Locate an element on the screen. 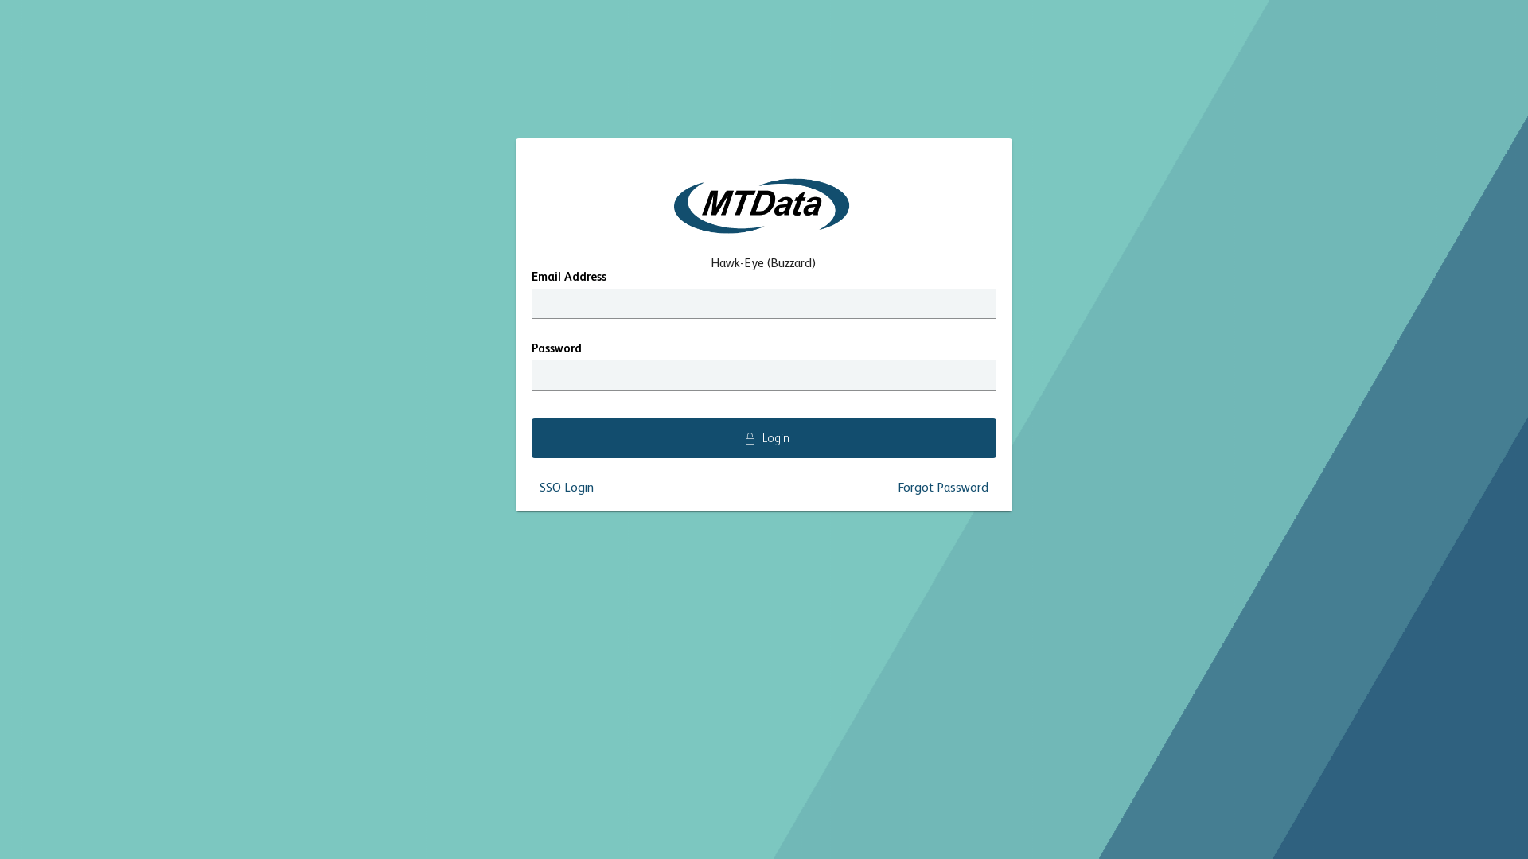 This screenshot has width=1528, height=859. 'SSO Login' is located at coordinates (566, 487).